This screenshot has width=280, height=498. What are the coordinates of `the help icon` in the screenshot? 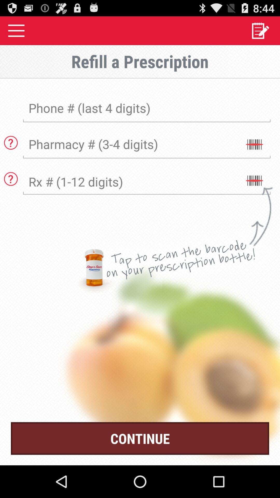 It's located at (11, 150).